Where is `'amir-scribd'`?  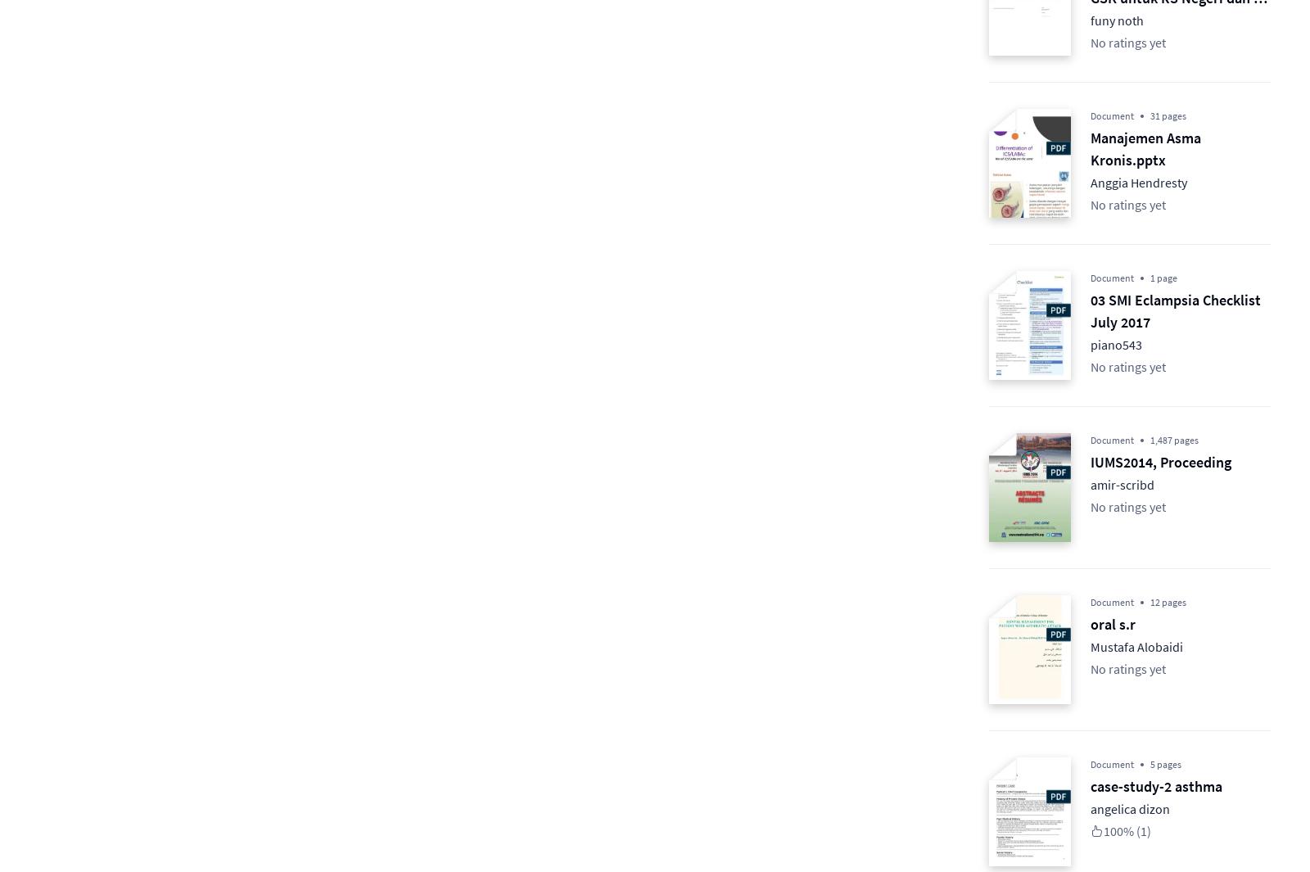 'amir-scribd' is located at coordinates (1122, 485).